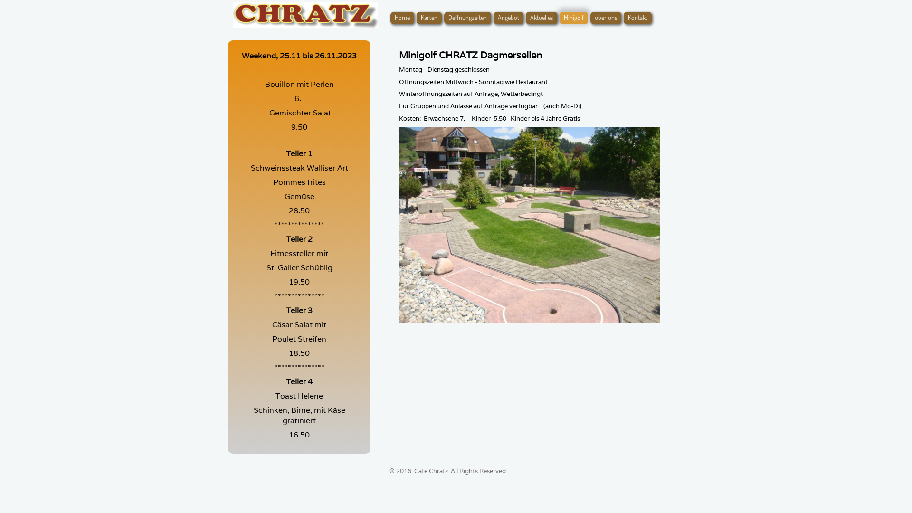 Image resolution: width=912 pixels, height=513 pixels. Describe the element at coordinates (637, 18) in the screenshot. I see `'Kontakt'` at that location.